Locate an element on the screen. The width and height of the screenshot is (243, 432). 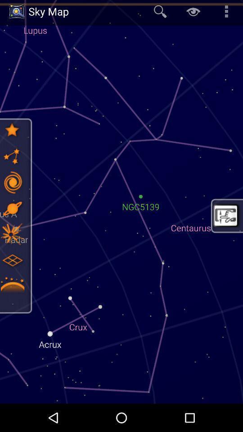
important to know is located at coordinates (12, 286).